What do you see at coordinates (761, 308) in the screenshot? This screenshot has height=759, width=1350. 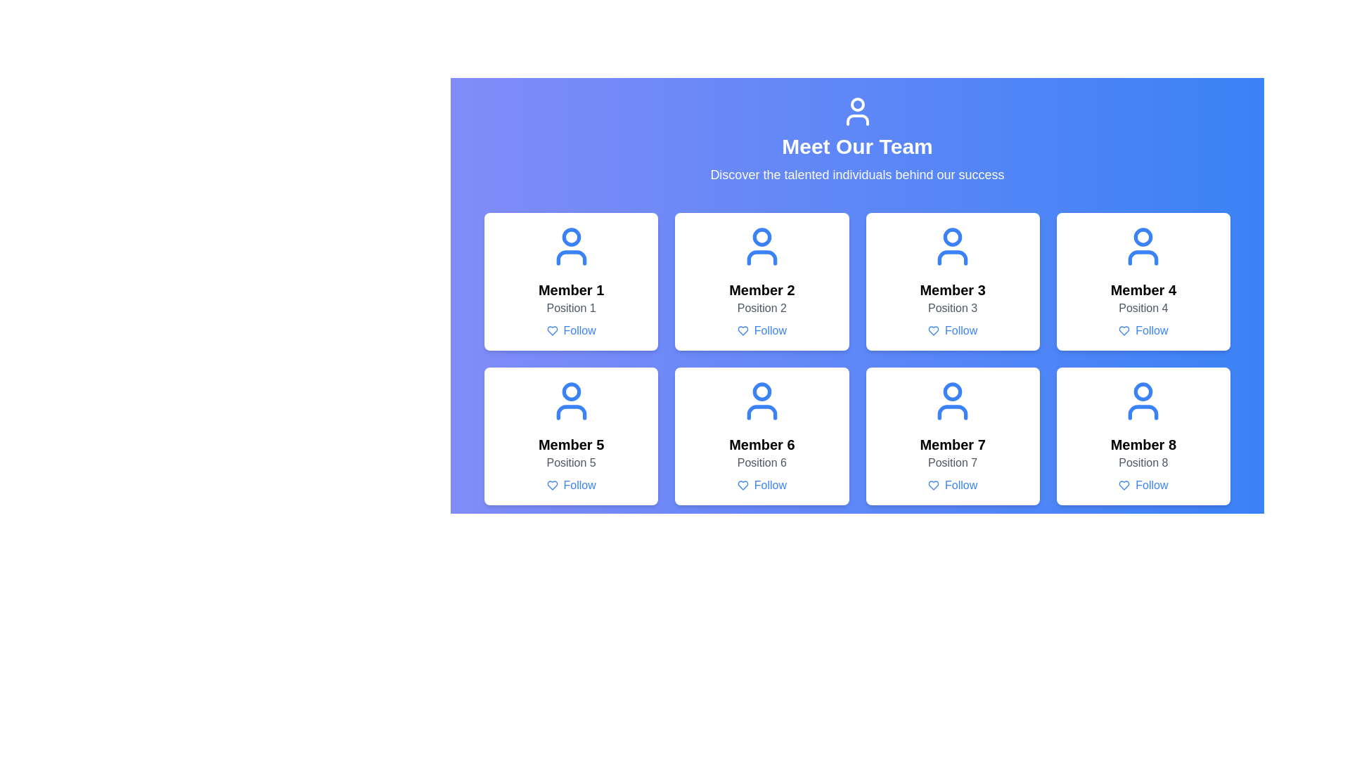 I see `the static text label indicating the role or position of 'Member 2' located within the card of the team member grid, positioned above the 'Follow' button` at bounding box center [761, 308].